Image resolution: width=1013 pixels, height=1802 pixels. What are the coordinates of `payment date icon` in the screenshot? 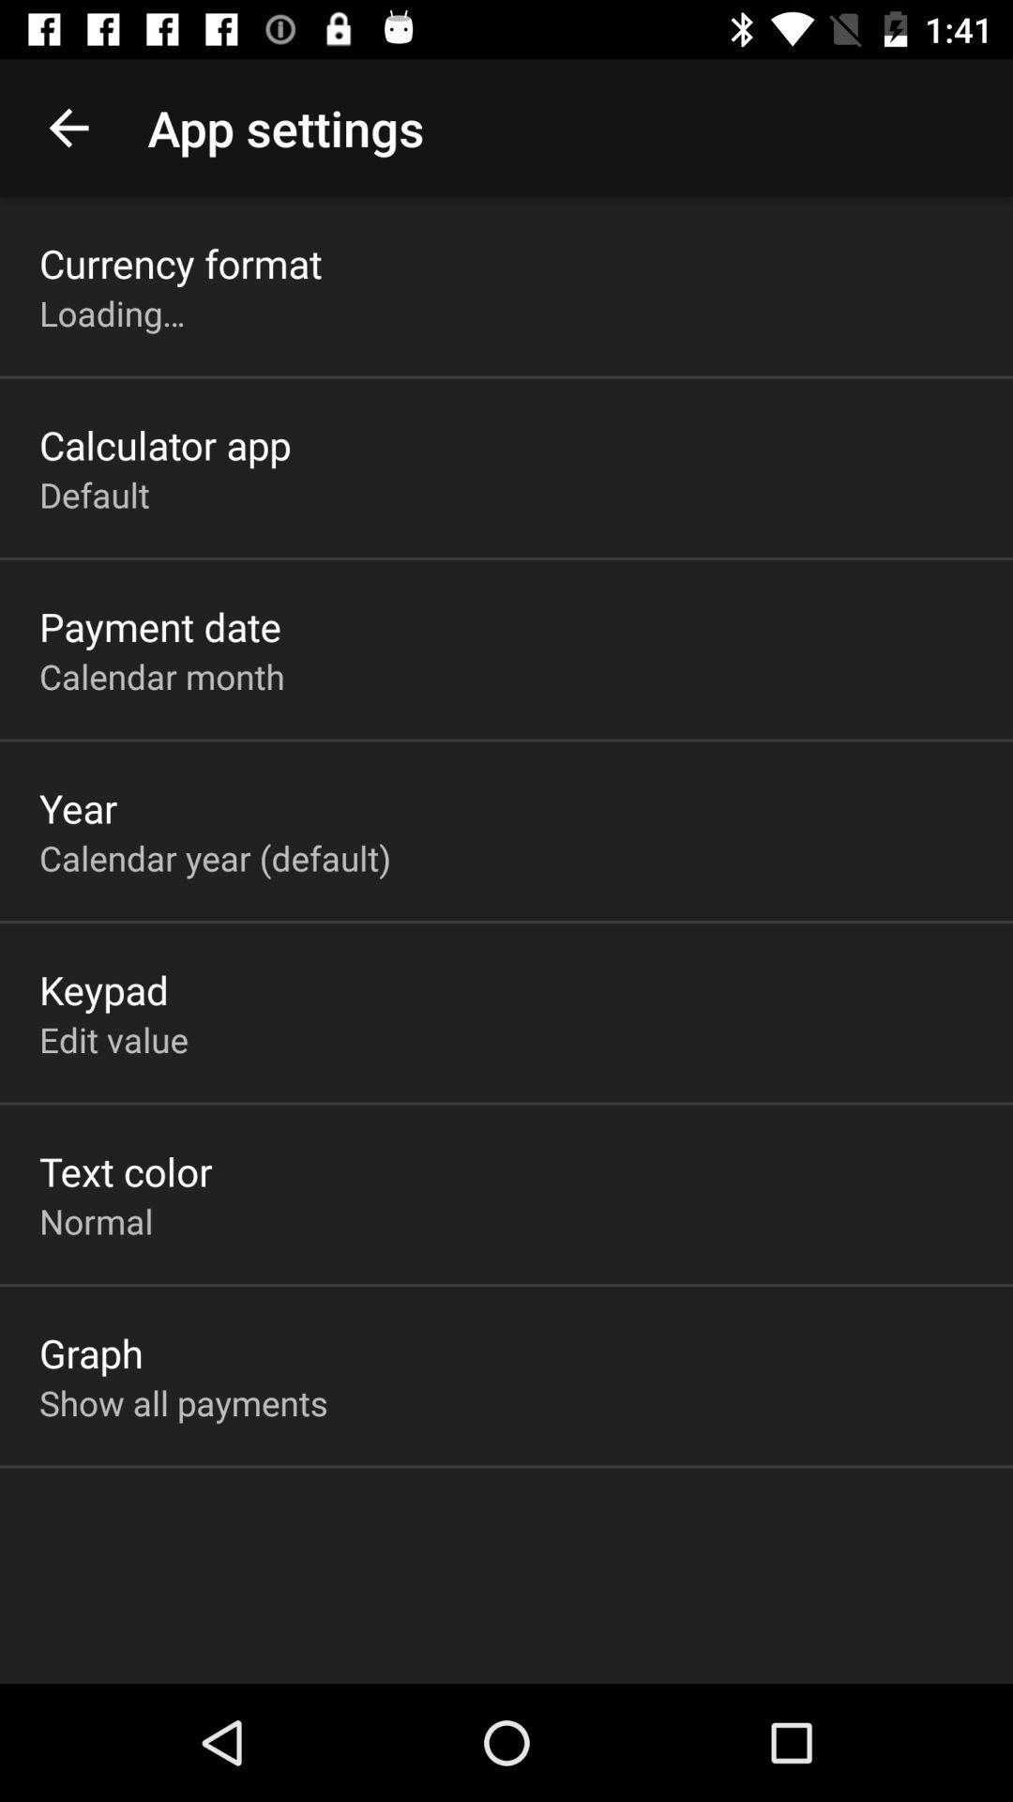 It's located at (159, 626).